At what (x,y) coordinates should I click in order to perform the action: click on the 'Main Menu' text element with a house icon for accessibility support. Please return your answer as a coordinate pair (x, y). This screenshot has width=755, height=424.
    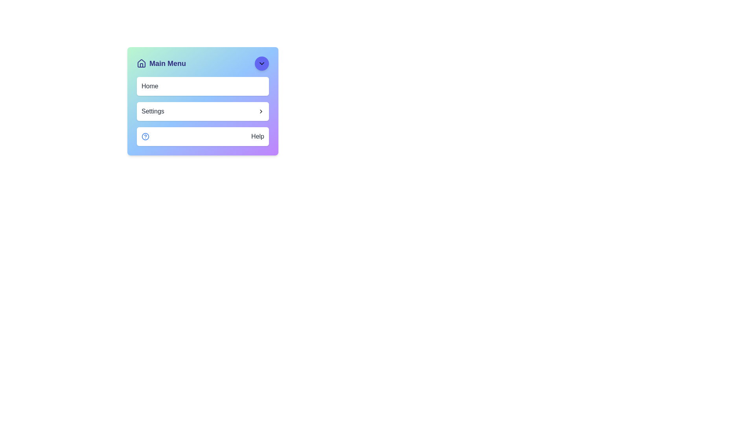
    Looking at the image, I should click on (161, 63).